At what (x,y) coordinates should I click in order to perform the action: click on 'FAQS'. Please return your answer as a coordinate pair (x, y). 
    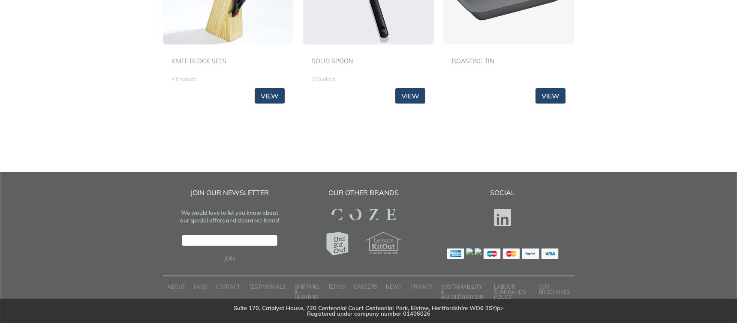
    Looking at the image, I should click on (200, 286).